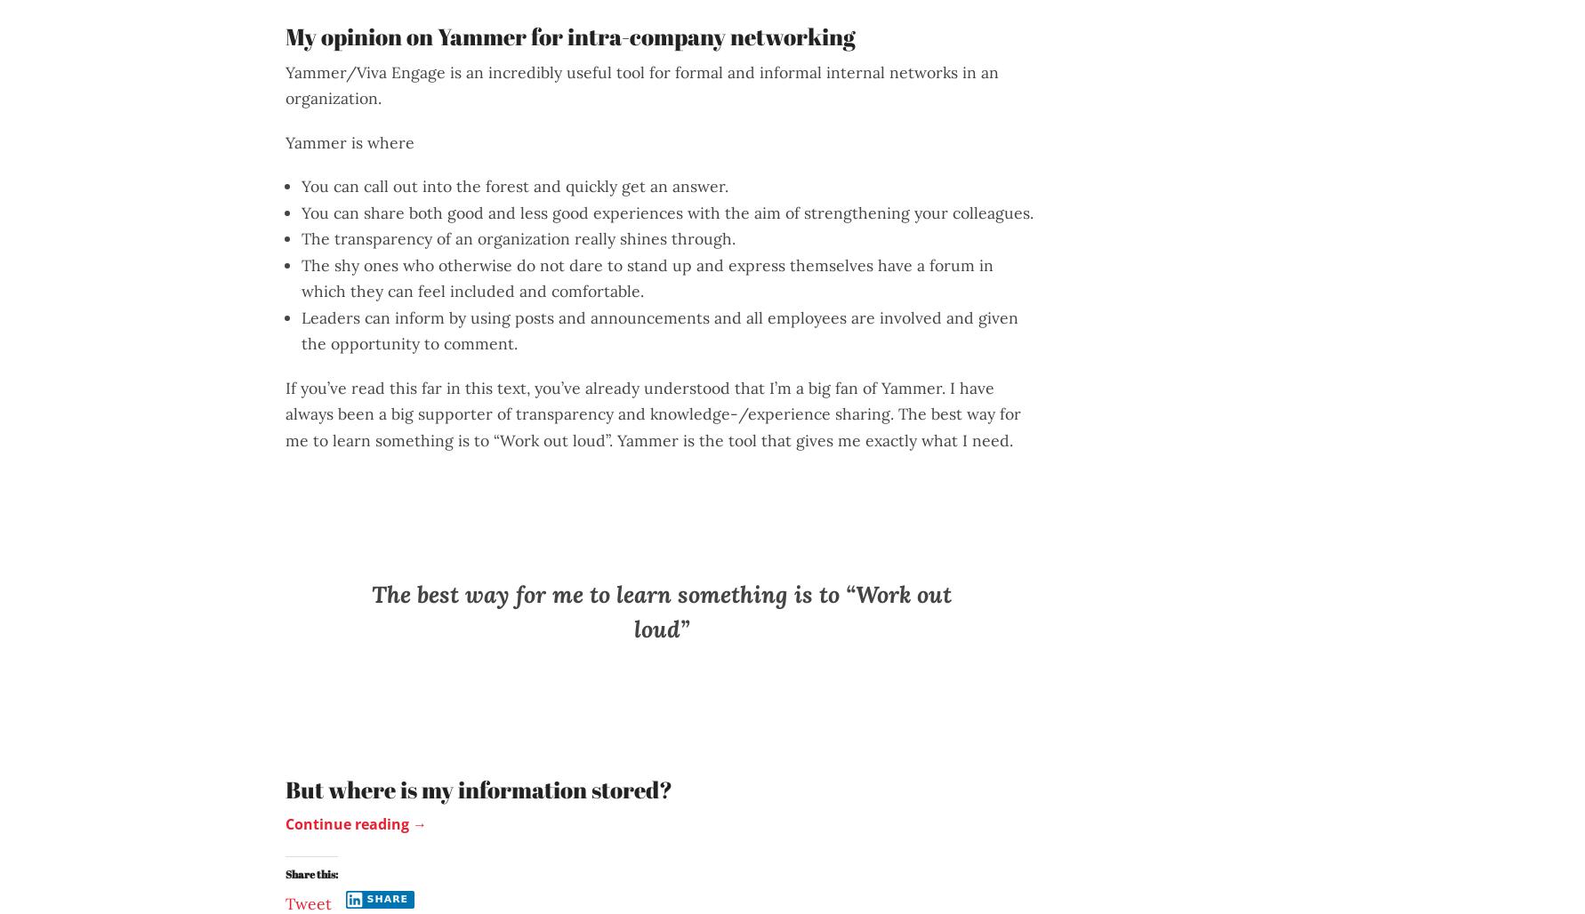 The width and height of the screenshot is (1585, 914). What do you see at coordinates (569, 35) in the screenshot?
I see `'My opinion on Yammer for intra-company networking'` at bounding box center [569, 35].